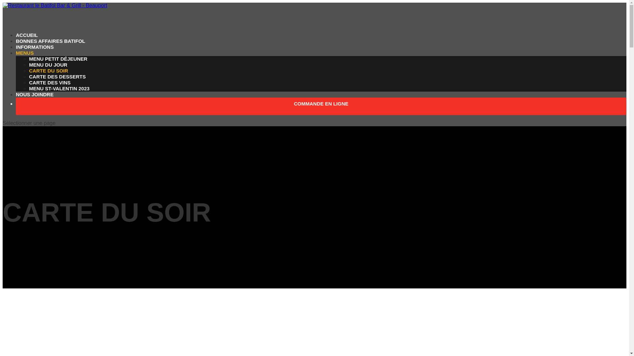 This screenshot has width=634, height=356. Describe the element at coordinates (49, 82) in the screenshot. I see `'CARTE DES VINS'` at that location.